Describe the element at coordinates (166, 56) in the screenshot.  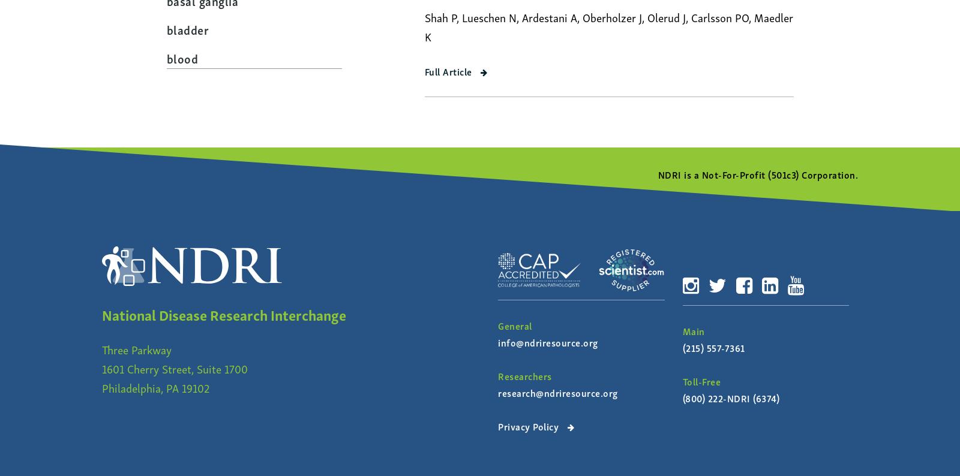
I see `'blood'` at that location.